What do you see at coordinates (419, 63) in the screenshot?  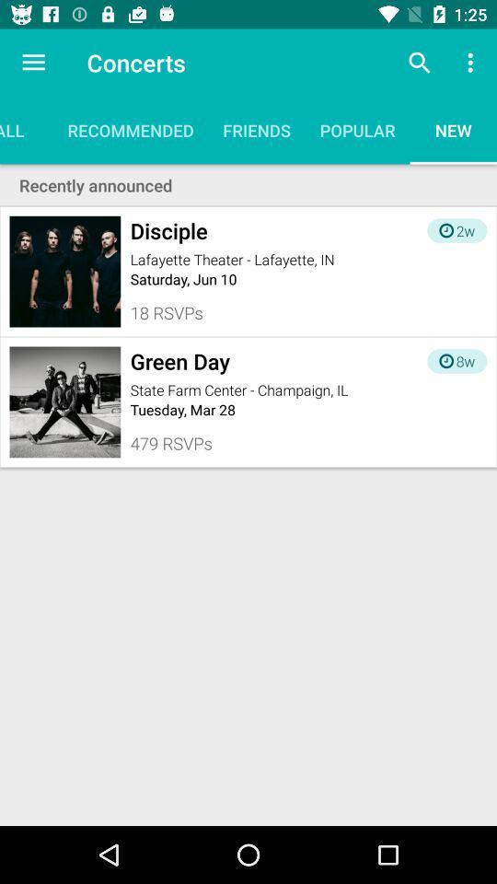 I see `the item next to concerts item` at bounding box center [419, 63].